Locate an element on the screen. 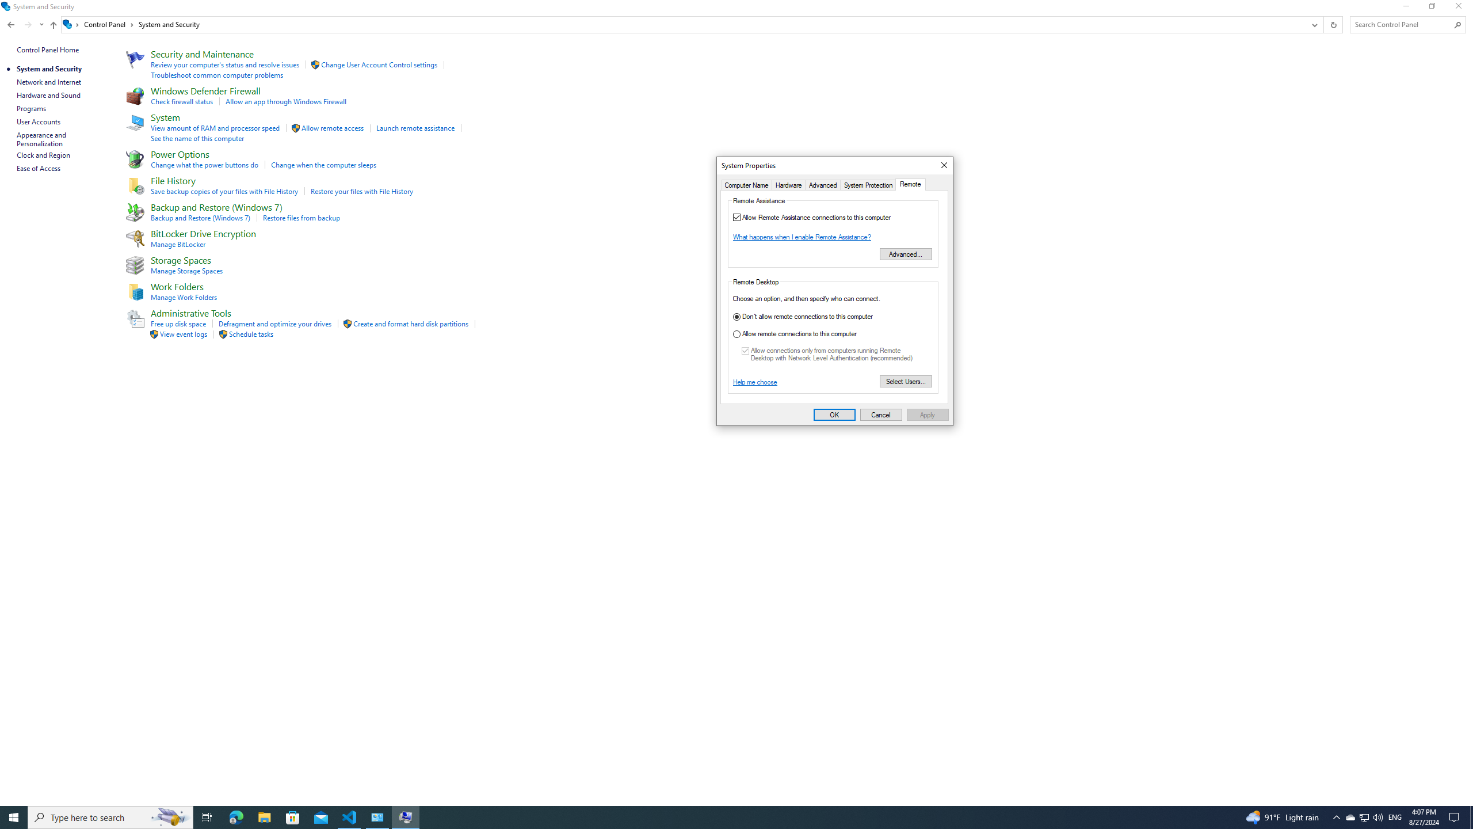  'What happens when I enable Remote Assistance?' is located at coordinates (802, 236).